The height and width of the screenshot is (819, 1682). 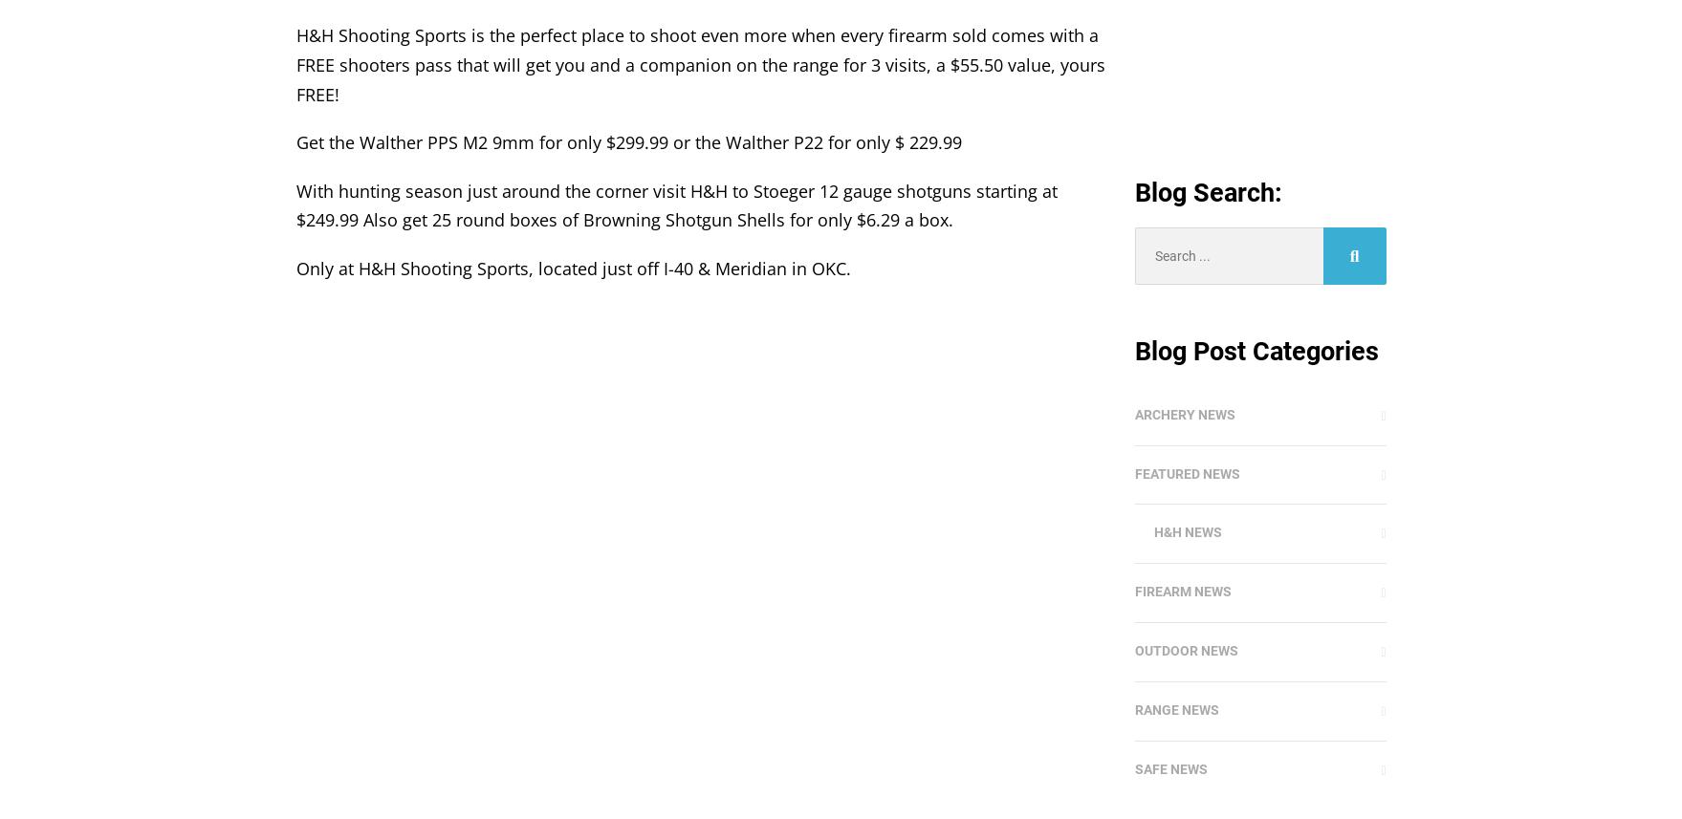 What do you see at coordinates (675, 204) in the screenshot?
I see `'With hunting season just around the corner visit H&H to Stoeger 12 gauge shotguns starting at $249.99 Also get 25 round boxes of Browning Shotgun Shells for only $6.29 a box.'` at bounding box center [675, 204].